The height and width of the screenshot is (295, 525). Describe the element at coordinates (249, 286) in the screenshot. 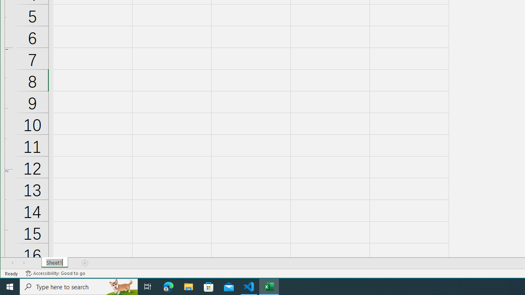

I see `'Visual Studio Code - 1 running window'` at that location.